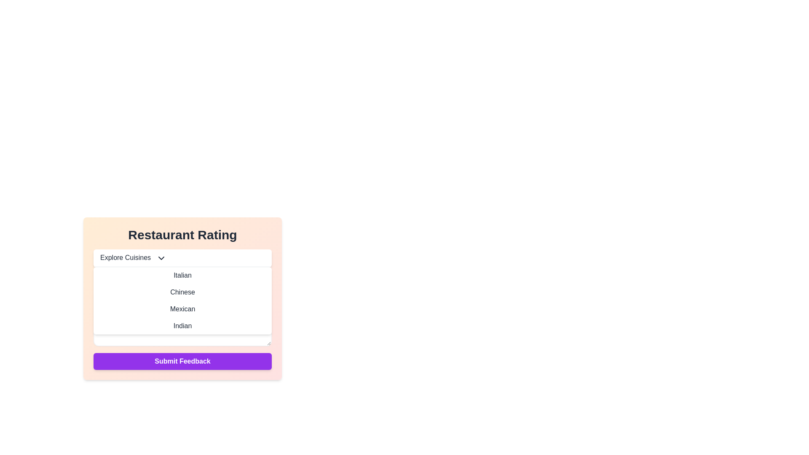  What do you see at coordinates (182, 292) in the screenshot?
I see `the text label 'Chinese' in the dropdown menu` at bounding box center [182, 292].